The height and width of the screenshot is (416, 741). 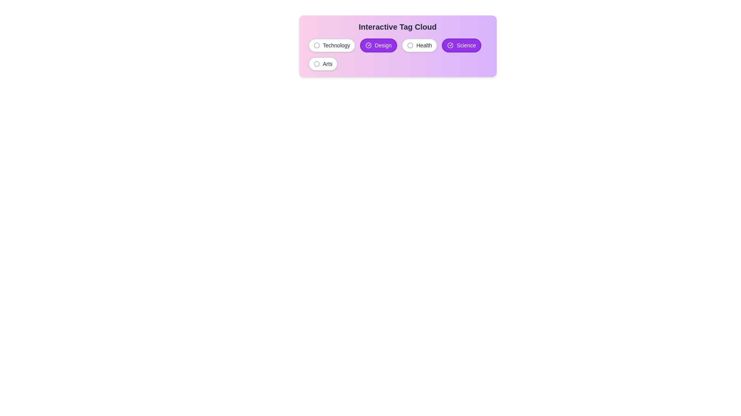 I want to click on the tag labeled Health to observe its hover effect, so click(x=419, y=45).